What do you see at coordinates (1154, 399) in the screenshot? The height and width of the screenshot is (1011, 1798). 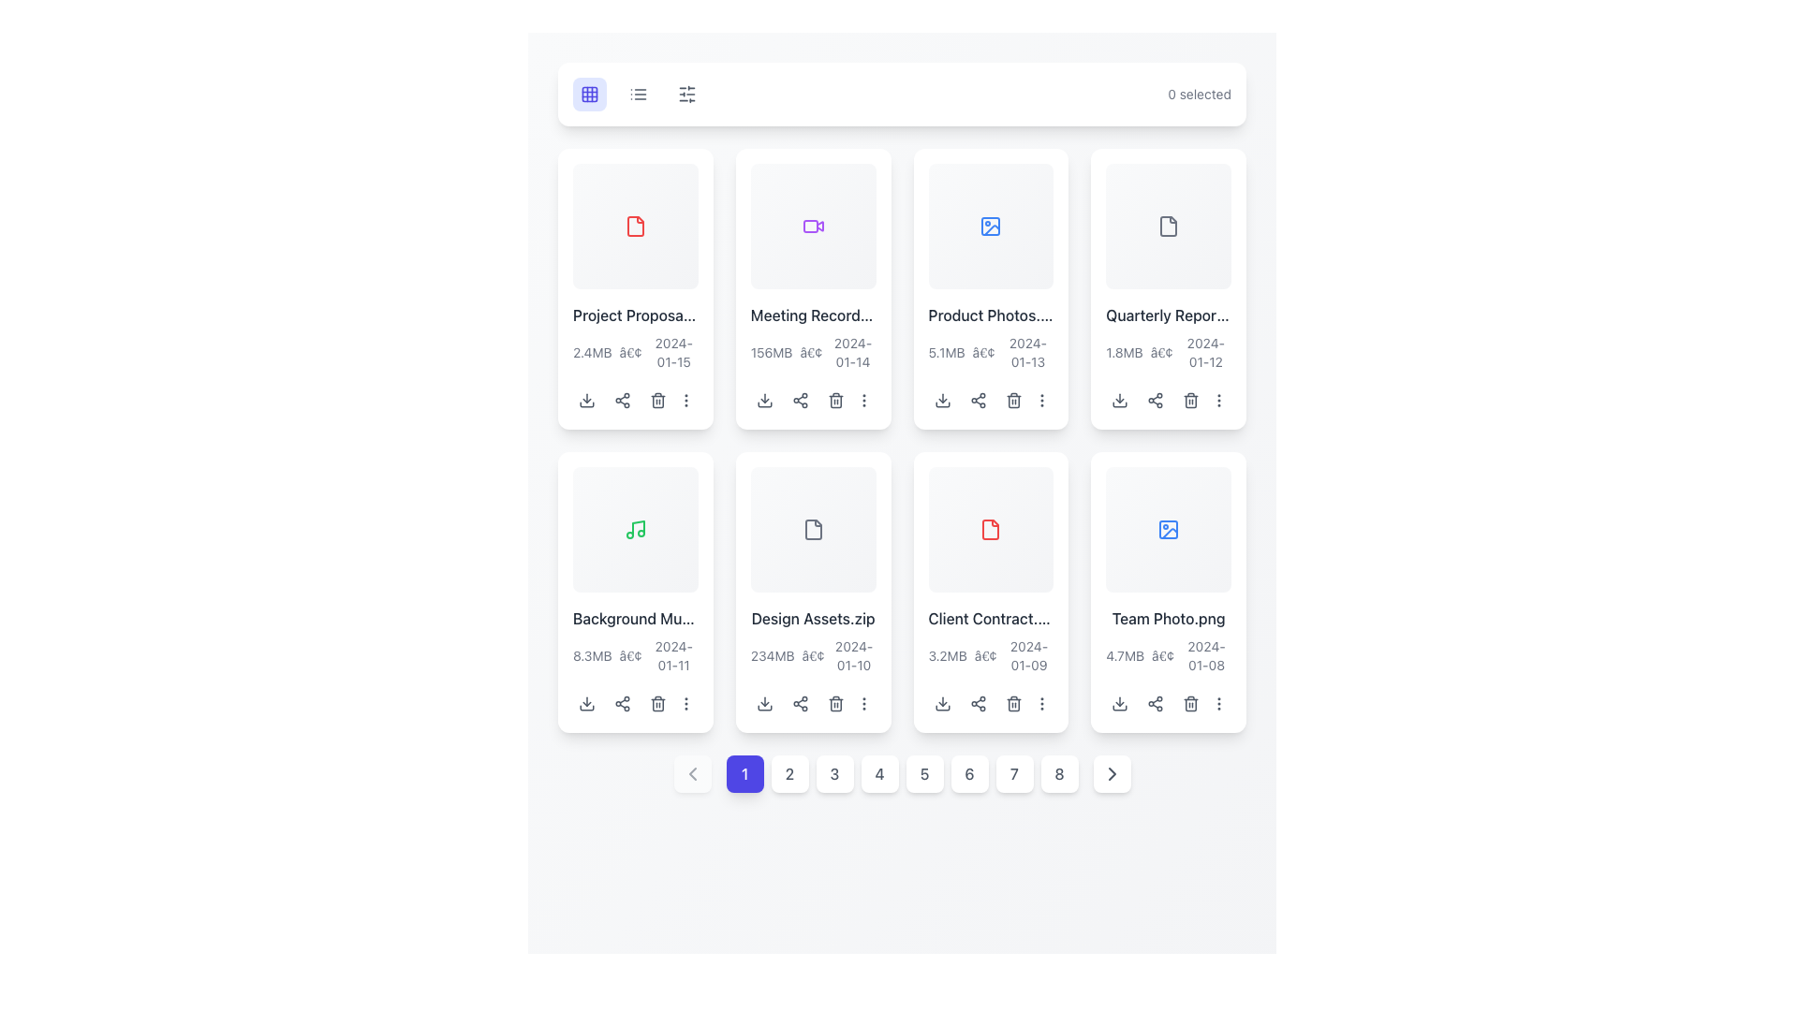 I see `the share icon button represented by three dots connected by lines, located in the toolbar beneath the 'Quarterly Report.pdf' file preview, to initiate the sharing action` at bounding box center [1154, 399].